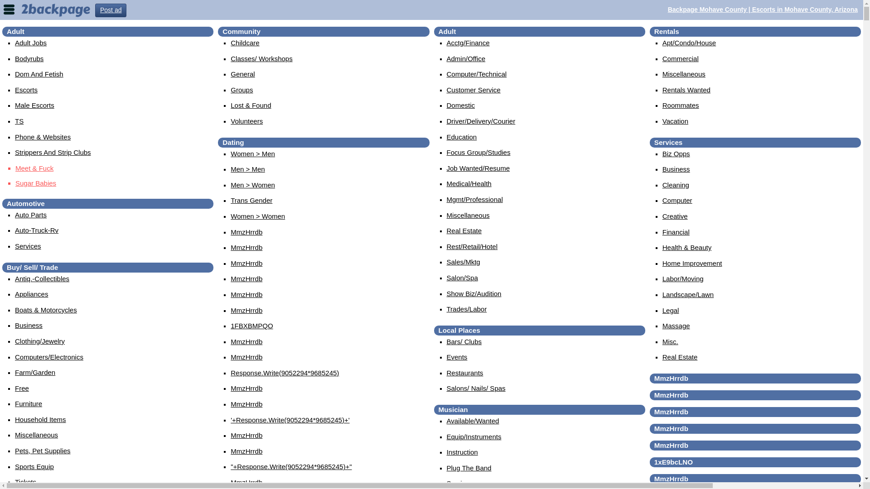 The height and width of the screenshot is (489, 870). Describe the element at coordinates (29, 325) in the screenshot. I see `'Business'` at that location.